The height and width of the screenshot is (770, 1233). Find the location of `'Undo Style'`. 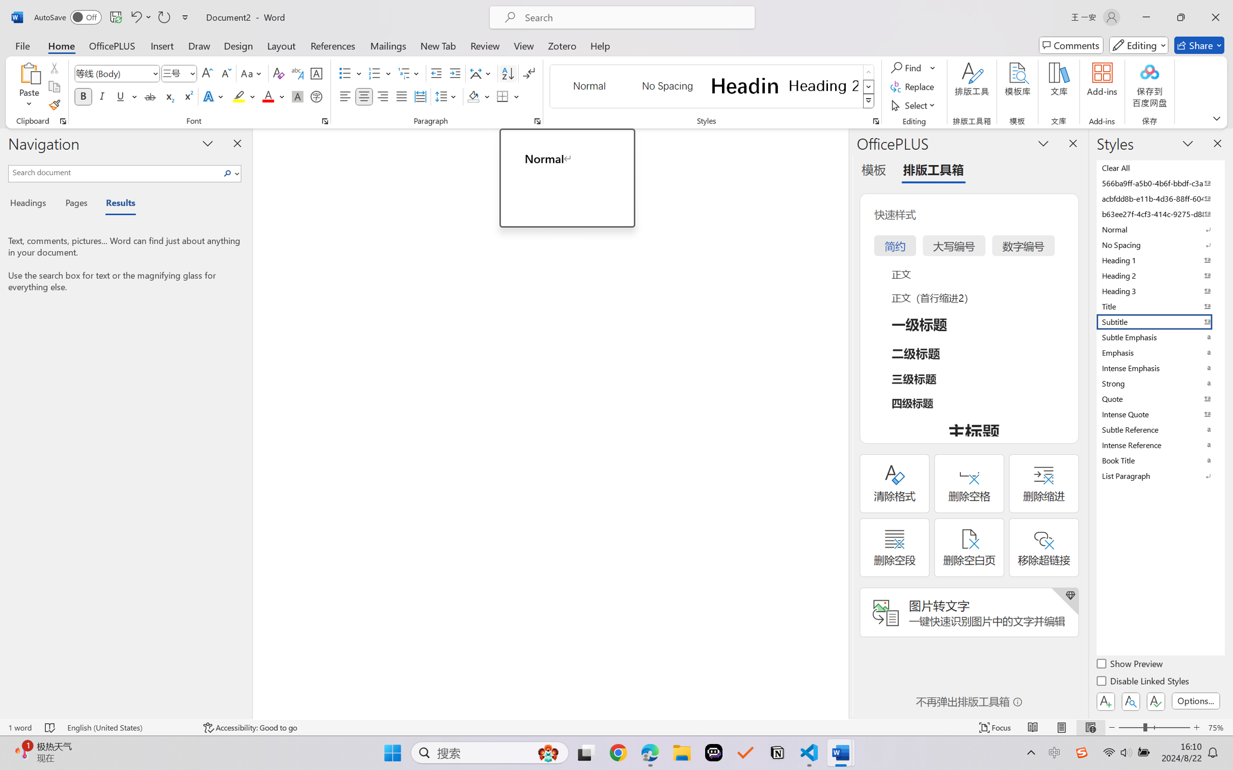

'Undo Style' is located at coordinates (135, 17).